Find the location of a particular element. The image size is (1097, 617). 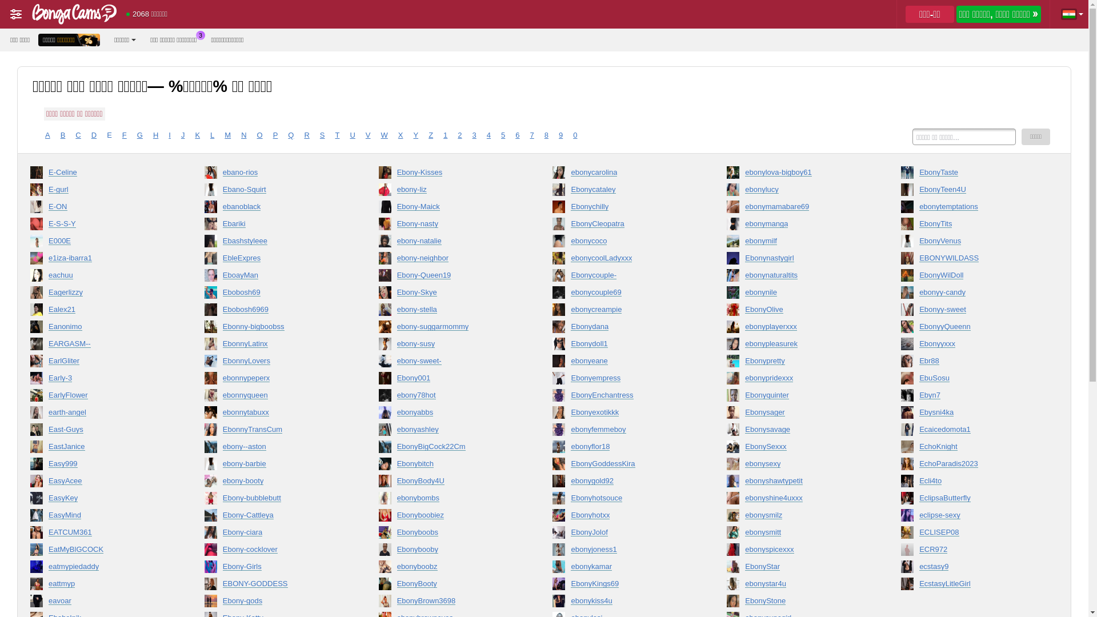

'Ebonynastygirl' is located at coordinates (797, 260).